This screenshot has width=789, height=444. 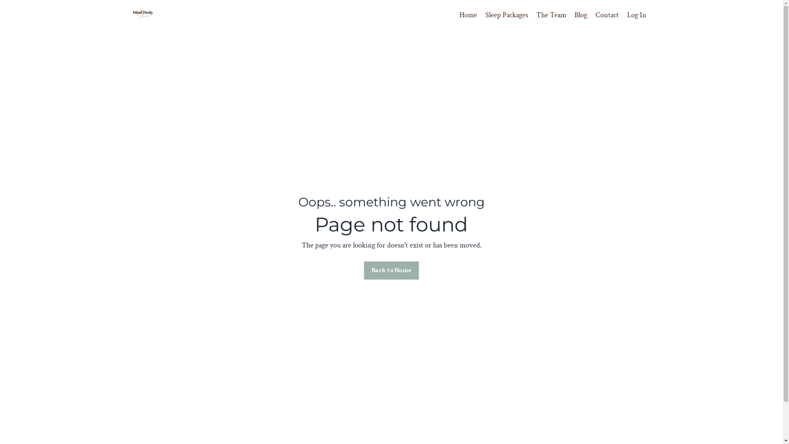 What do you see at coordinates (580, 15) in the screenshot?
I see `'Blog'` at bounding box center [580, 15].